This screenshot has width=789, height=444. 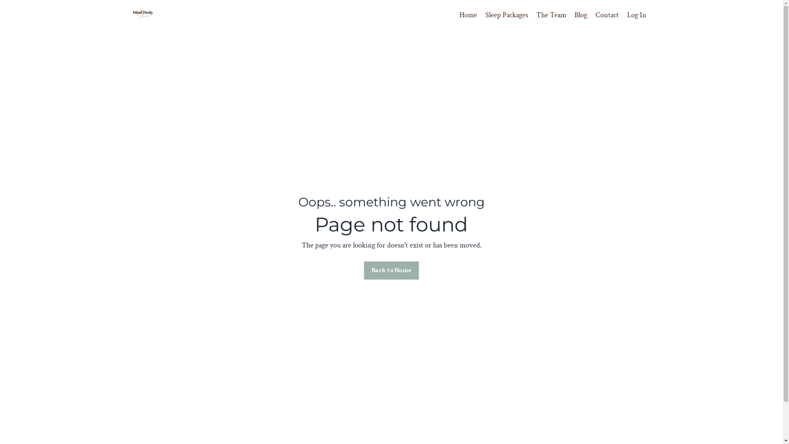 What do you see at coordinates (580, 15) in the screenshot?
I see `'Blog'` at bounding box center [580, 15].